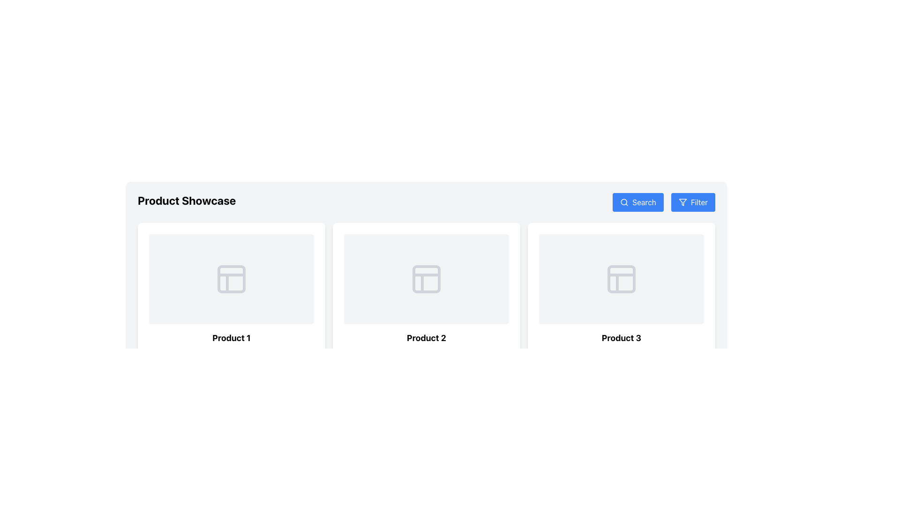 Image resolution: width=900 pixels, height=506 pixels. Describe the element at coordinates (621, 279) in the screenshot. I see `the rectangle graphical decoration element representing part of the icon for 'Product 3' in the product showcase interface` at that location.